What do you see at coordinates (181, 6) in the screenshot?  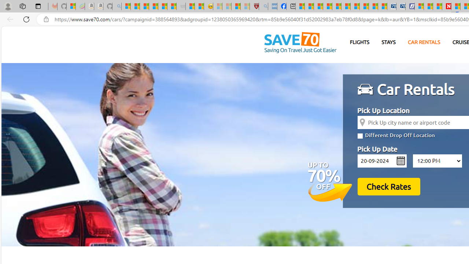 I see `'Combat Siege - Sleeping'` at bounding box center [181, 6].